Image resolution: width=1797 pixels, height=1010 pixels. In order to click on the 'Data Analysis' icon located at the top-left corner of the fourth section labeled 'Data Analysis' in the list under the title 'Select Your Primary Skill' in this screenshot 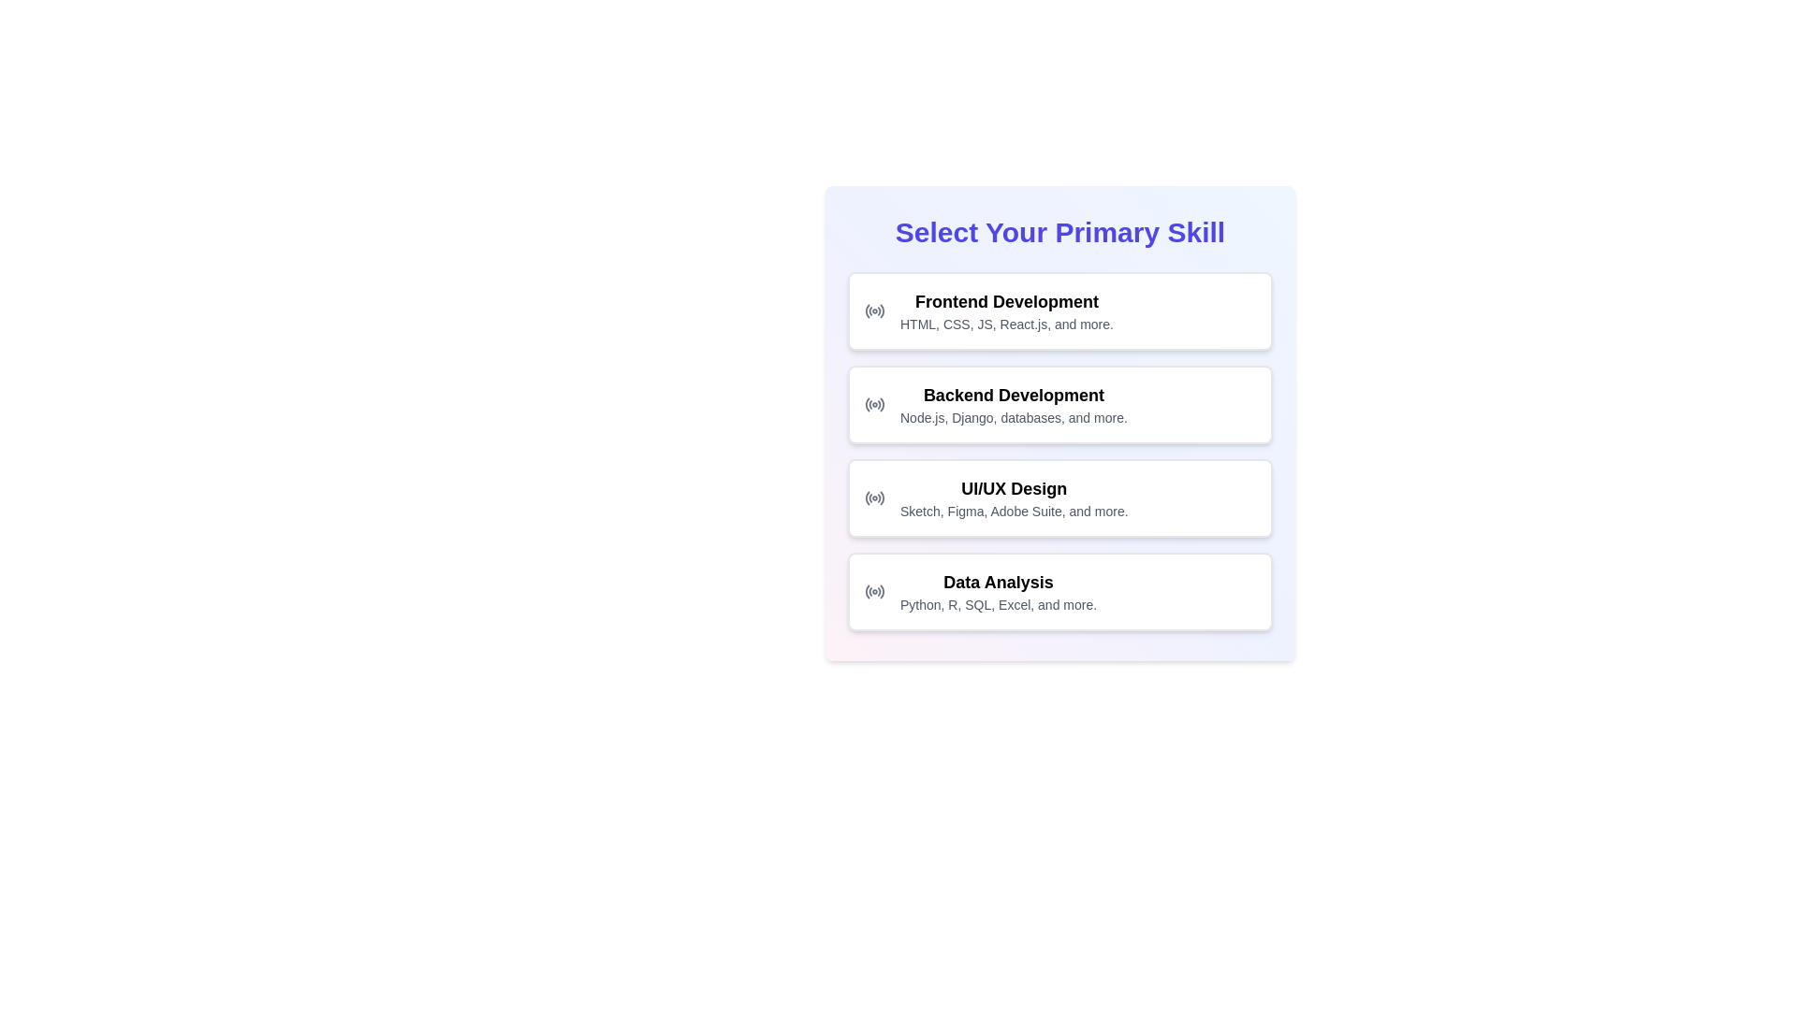, I will do `click(874, 591)`.